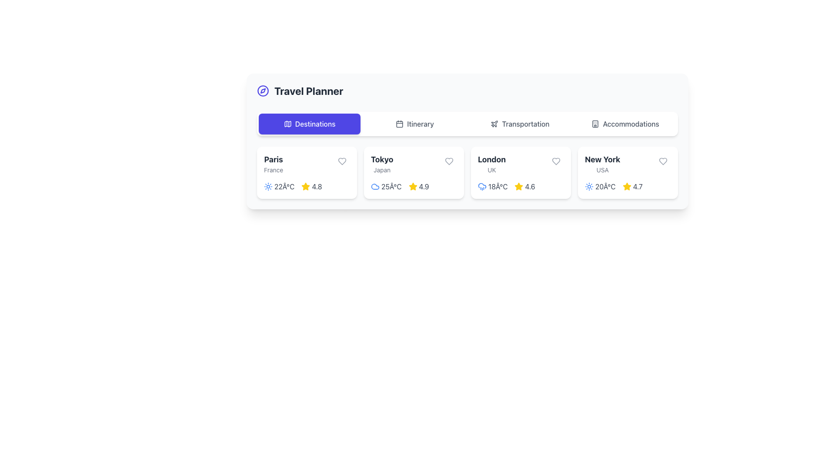  Describe the element at coordinates (519, 186) in the screenshot. I see `the yellow star icon with rounded edges, located next to the '4.6' text in the rating information panel of the third destination card for 'London, UK.'` at that location.